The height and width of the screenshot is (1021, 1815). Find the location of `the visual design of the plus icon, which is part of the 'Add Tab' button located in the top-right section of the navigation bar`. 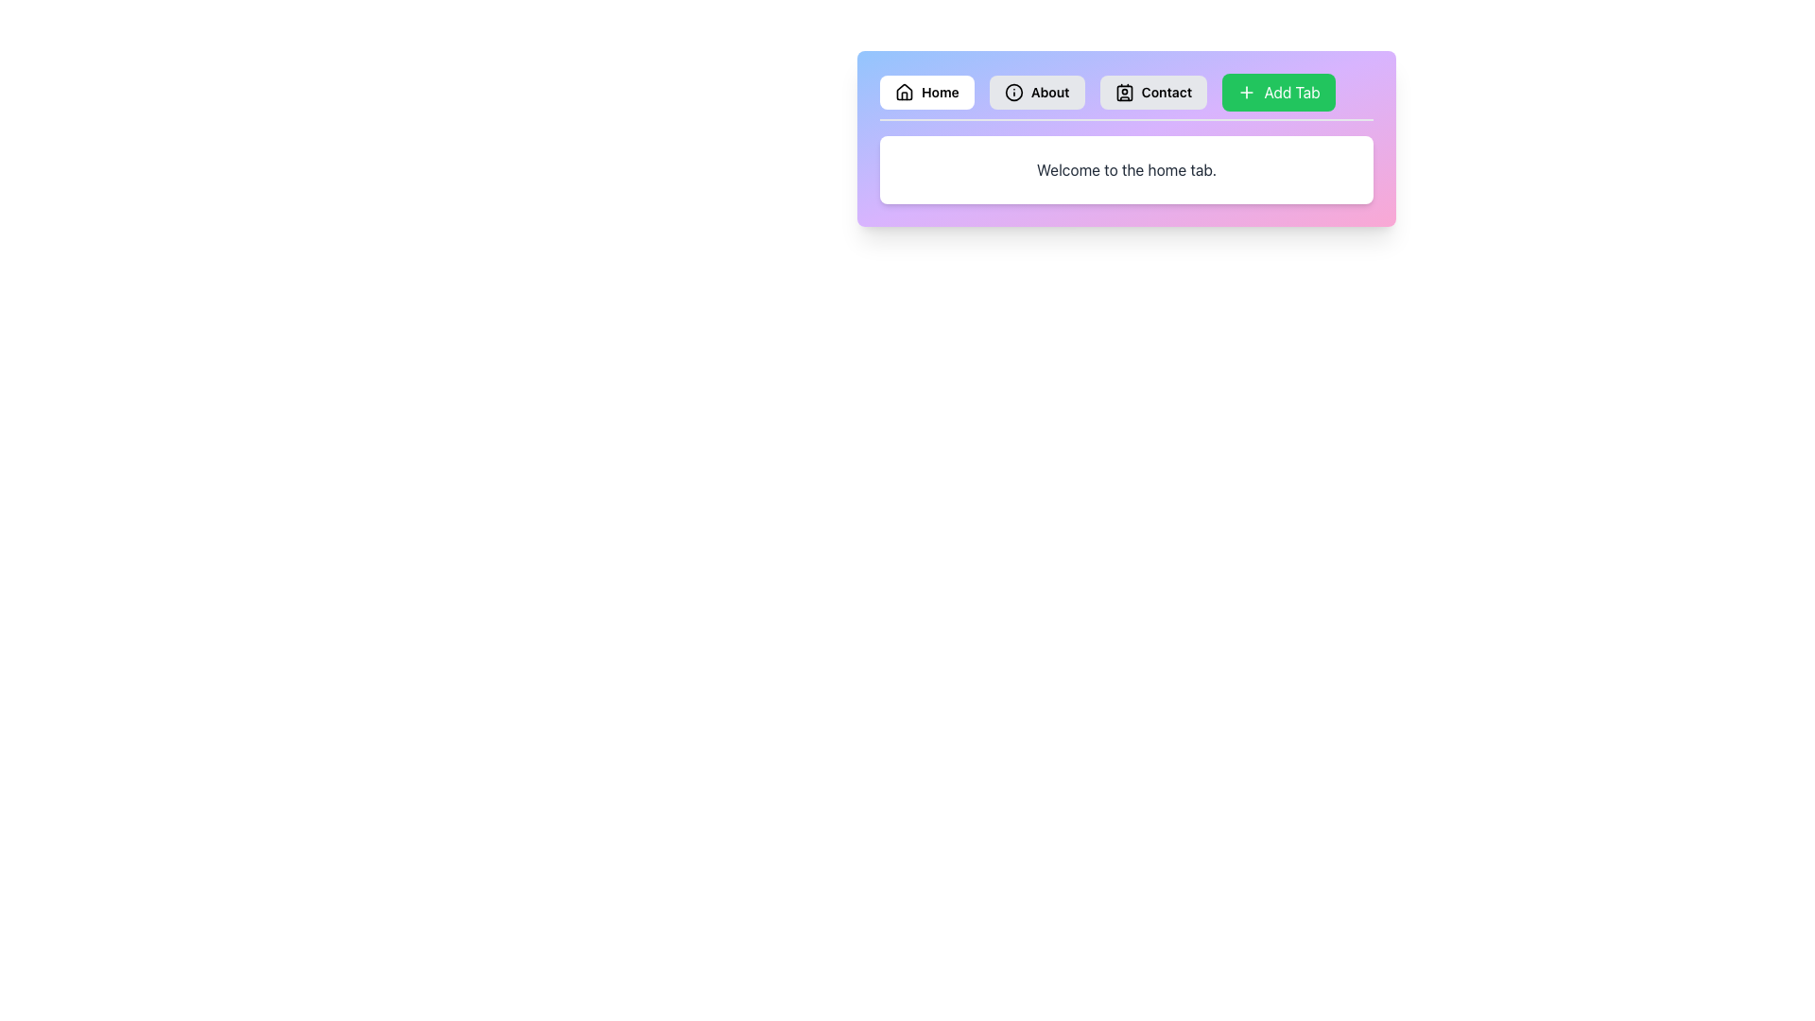

the visual design of the plus icon, which is part of the 'Add Tab' button located in the top-right section of the navigation bar is located at coordinates (1247, 92).